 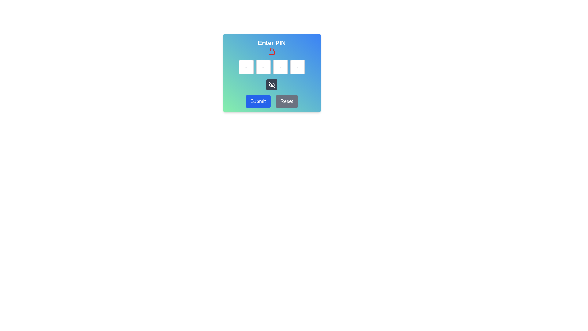 What do you see at coordinates (271, 85) in the screenshot?
I see `the eye icon button with a diagonal slash, which toggles visibility, located centrally below the PIN input boxes in a modal interface` at bounding box center [271, 85].